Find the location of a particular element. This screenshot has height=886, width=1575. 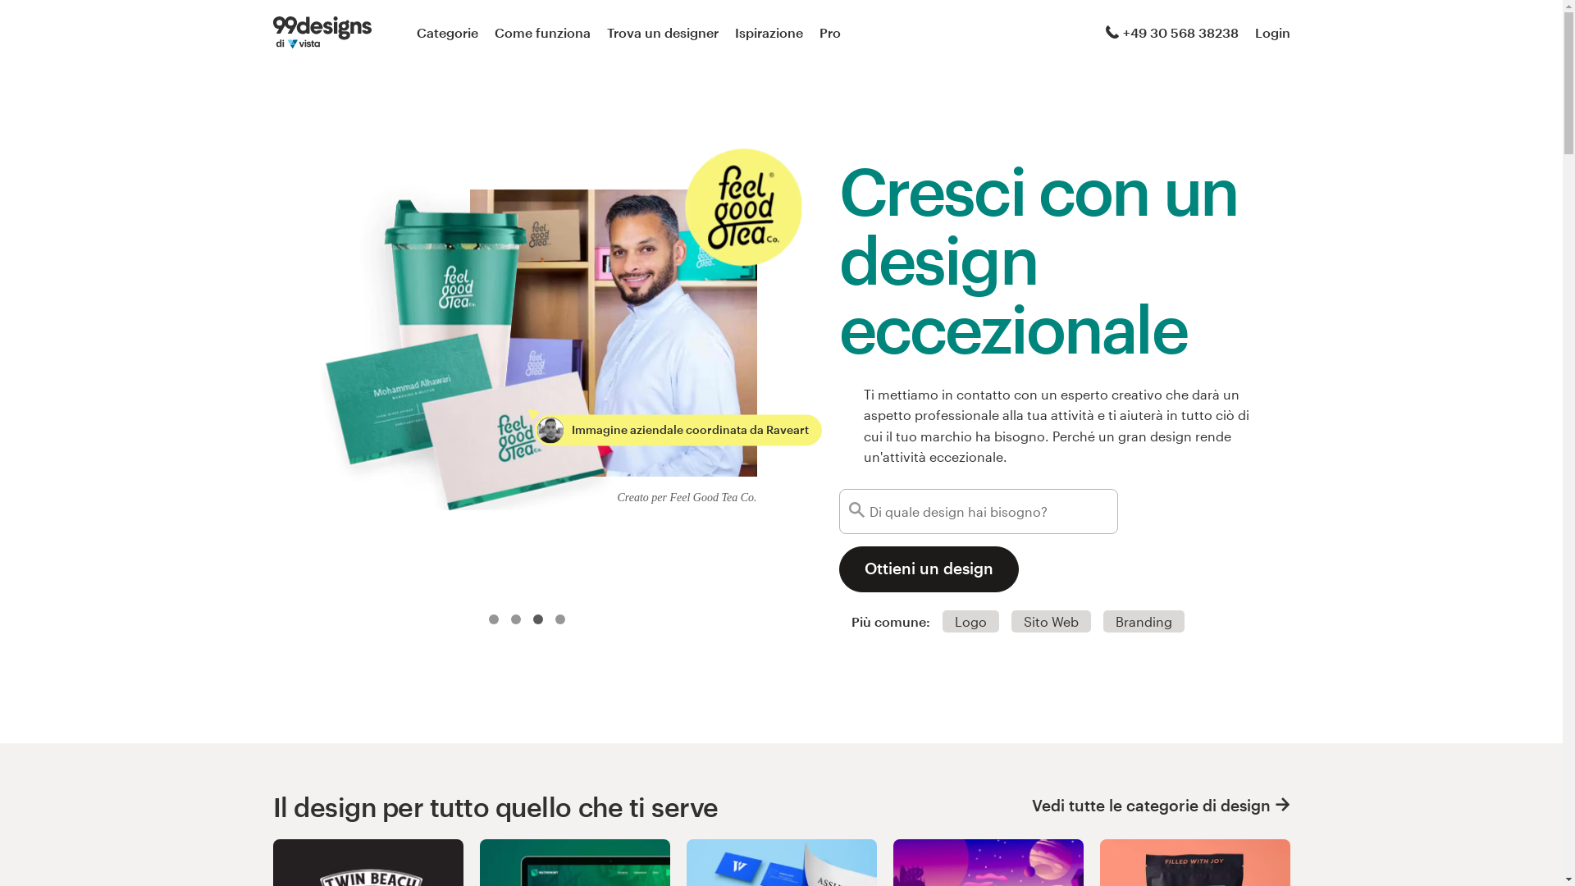

'Branding' is located at coordinates (1102, 622).